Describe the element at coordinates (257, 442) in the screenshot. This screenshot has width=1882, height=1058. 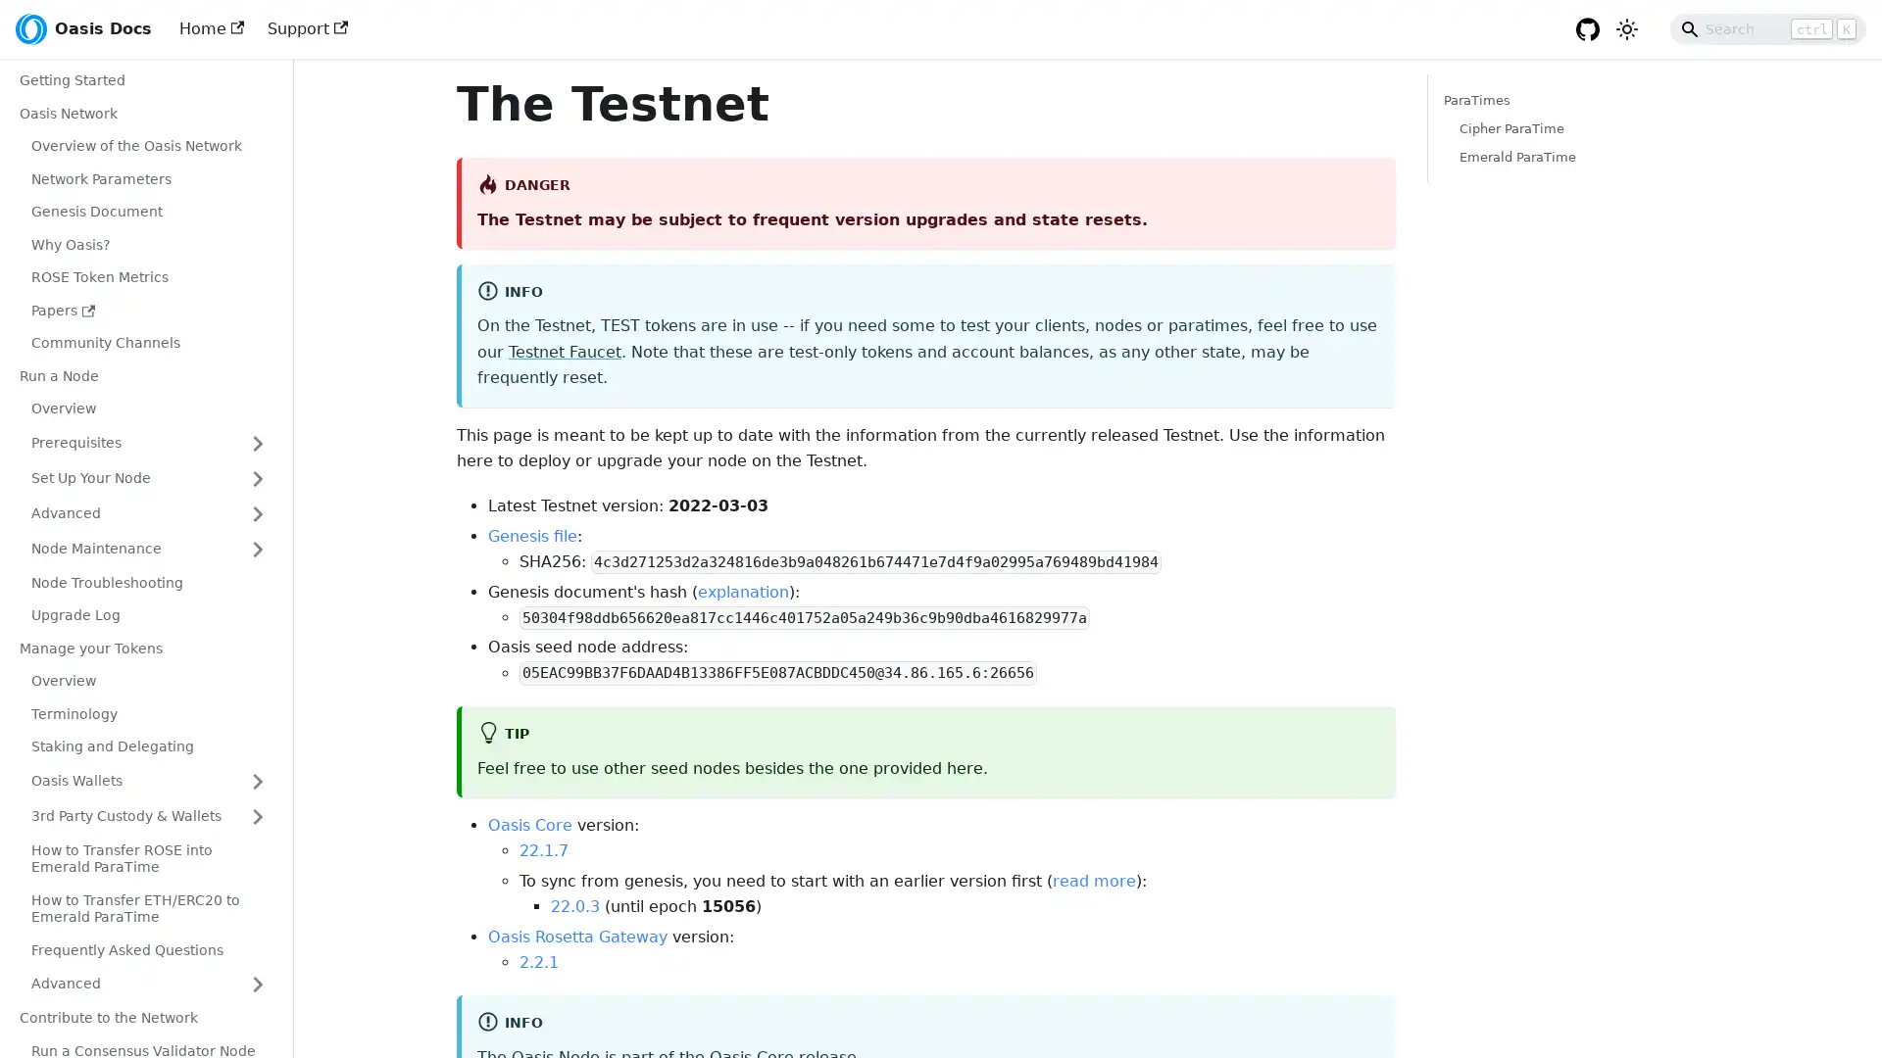
I see `Toggle the collapsible sidebar category 'Prerequisites'` at that location.